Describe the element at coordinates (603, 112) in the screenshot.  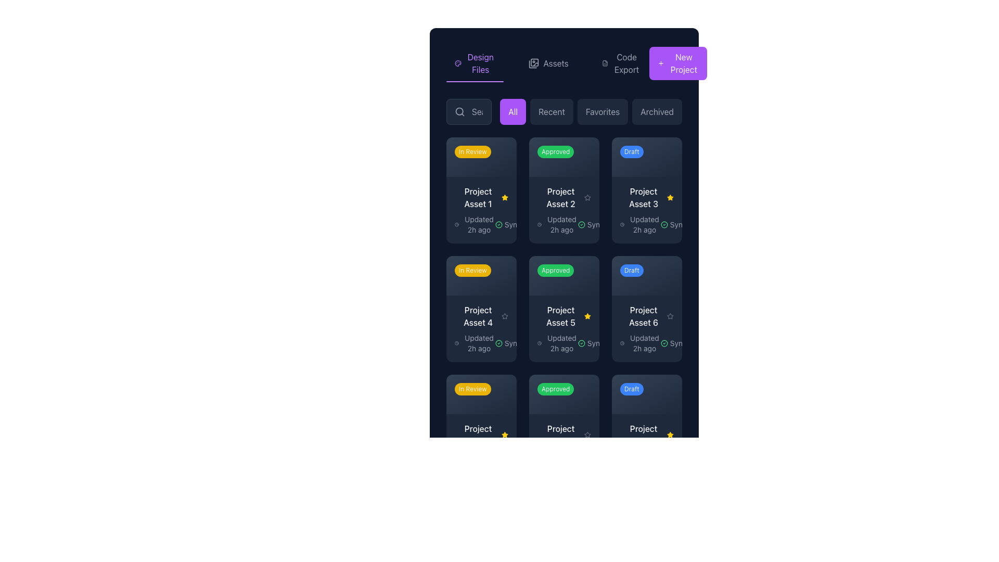
I see `the 'Favorites' button, which is the third button in a row of four with a dark gray background and light gray text` at that location.